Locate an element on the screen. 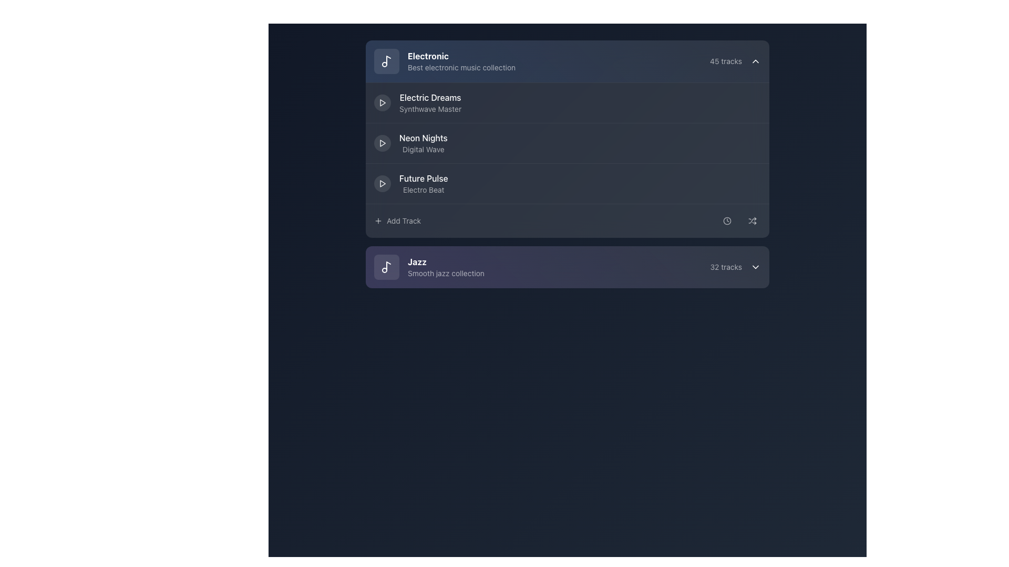 The height and width of the screenshot is (567, 1009). the distinct clock icon located at the bottom-right corner of the 'Electronic' playlist card, which serves as a visual indication of time or schedule-related features is located at coordinates (726, 220).